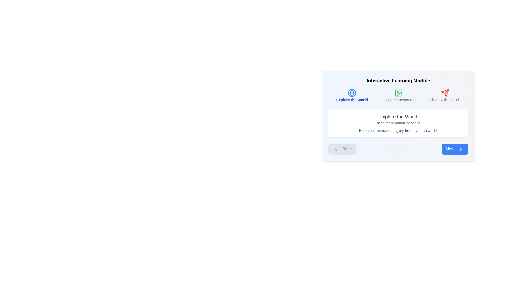  Describe the element at coordinates (399, 96) in the screenshot. I see `the central button in the horizontal trio of options that allows users` at that location.